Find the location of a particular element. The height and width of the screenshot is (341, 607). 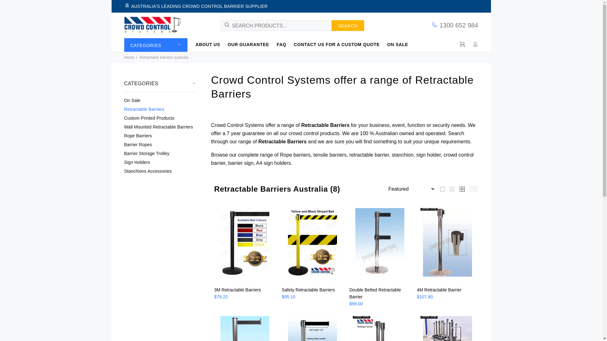

'Sign Holders' is located at coordinates (159, 162).